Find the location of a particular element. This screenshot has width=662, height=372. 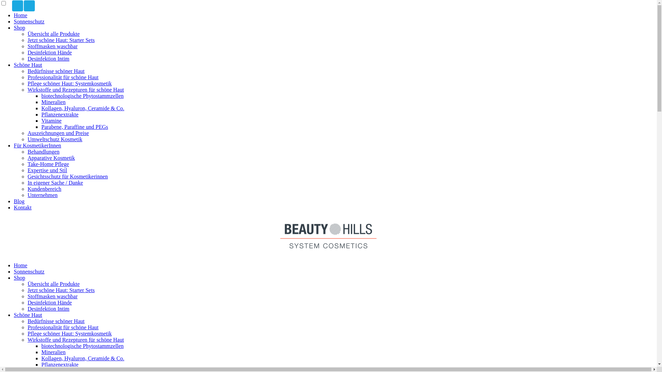

'Desinfektion Intim' is located at coordinates (48, 58).